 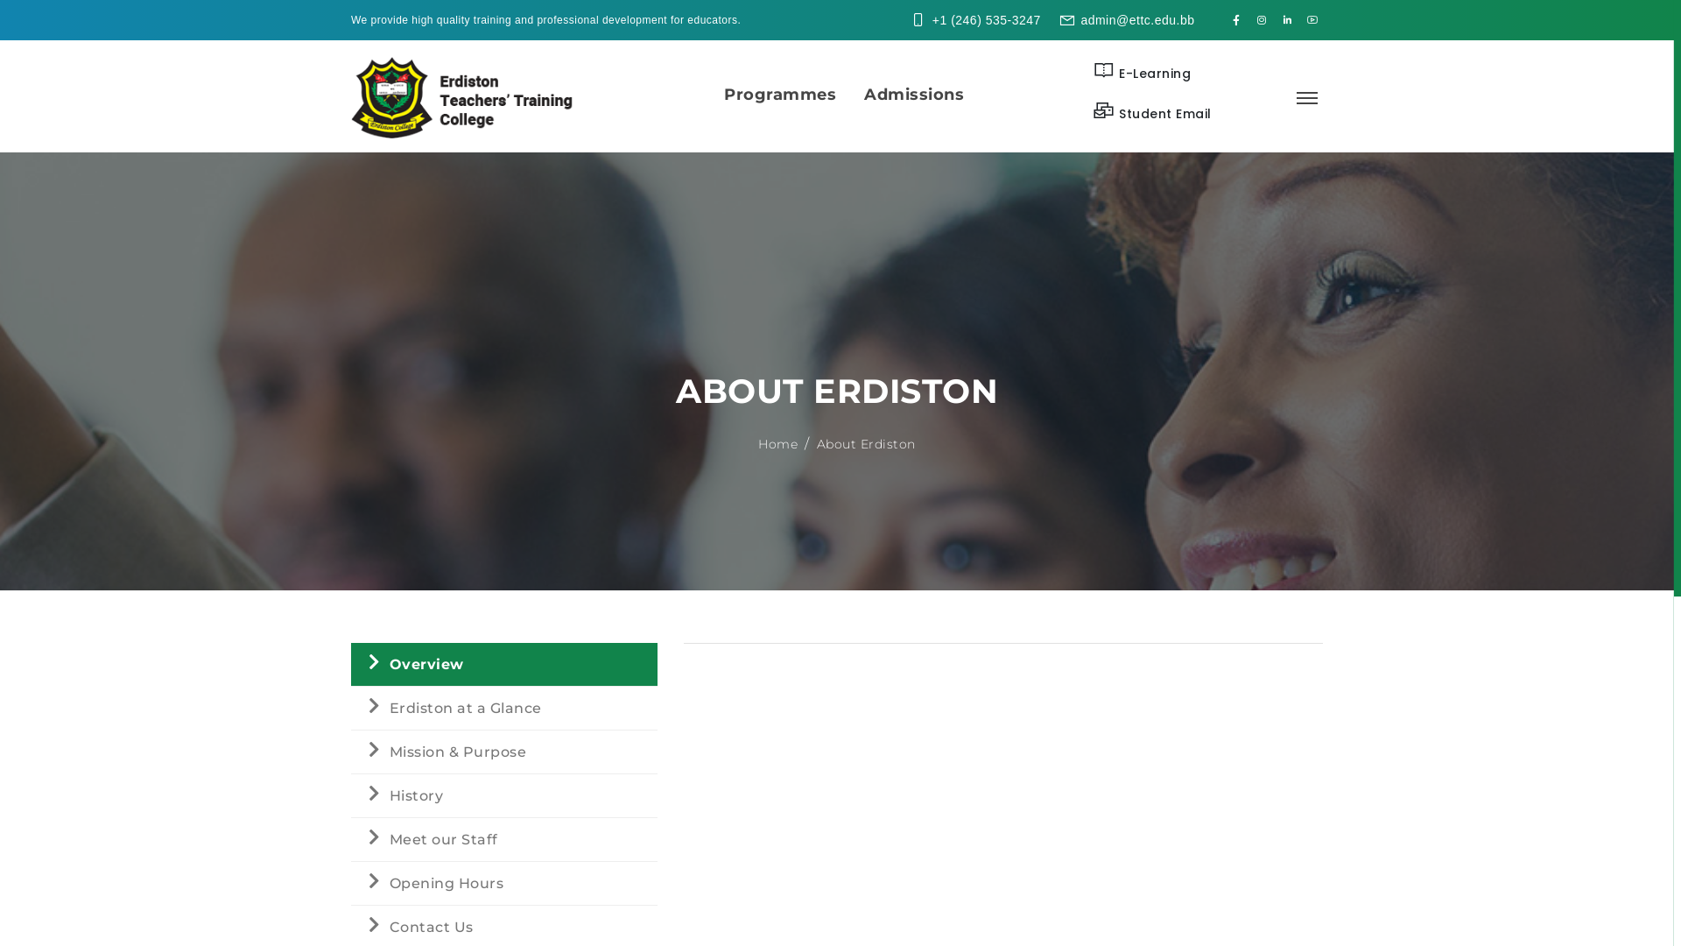 What do you see at coordinates (866, 442) in the screenshot?
I see `'About Erdiston'` at bounding box center [866, 442].